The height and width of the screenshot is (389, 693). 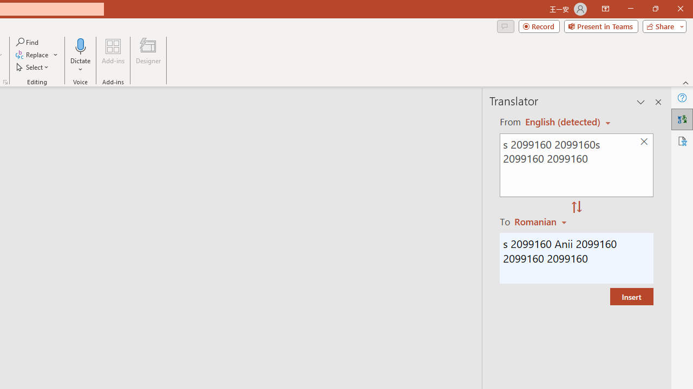 What do you see at coordinates (542, 221) in the screenshot?
I see `'Romanian'` at bounding box center [542, 221].